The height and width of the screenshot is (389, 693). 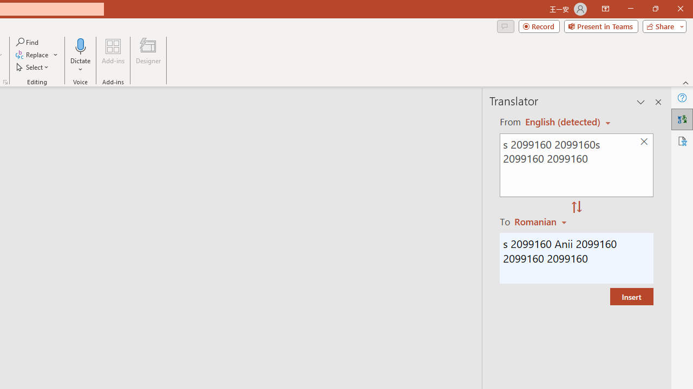 What do you see at coordinates (542, 221) in the screenshot?
I see `'Romanian'` at bounding box center [542, 221].